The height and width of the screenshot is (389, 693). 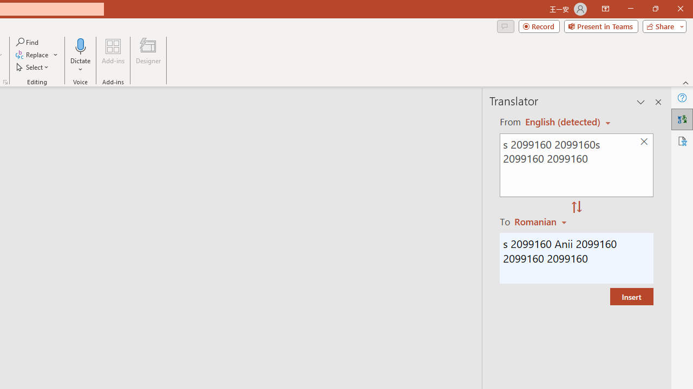 What do you see at coordinates (542, 221) in the screenshot?
I see `'Romanian'` at bounding box center [542, 221].